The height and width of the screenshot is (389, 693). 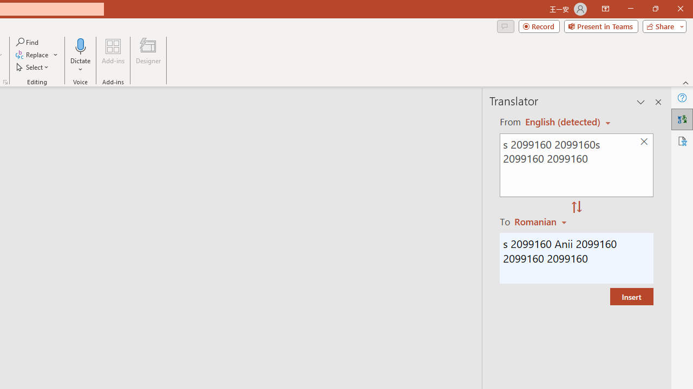 What do you see at coordinates (542, 221) in the screenshot?
I see `'Romanian'` at bounding box center [542, 221].